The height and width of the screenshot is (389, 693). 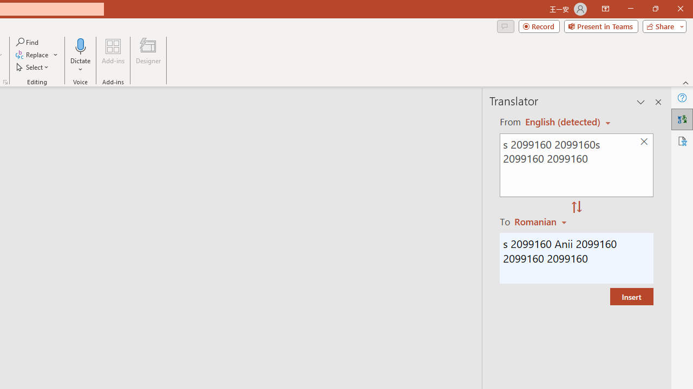 What do you see at coordinates (542, 221) in the screenshot?
I see `'Romanian'` at bounding box center [542, 221].